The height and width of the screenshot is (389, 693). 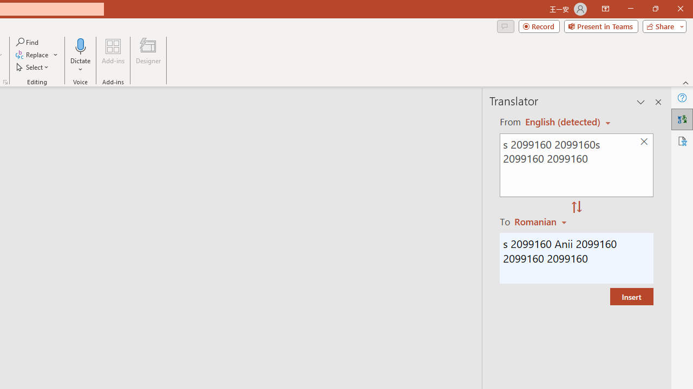 What do you see at coordinates (542, 221) in the screenshot?
I see `'Romanian'` at bounding box center [542, 221].